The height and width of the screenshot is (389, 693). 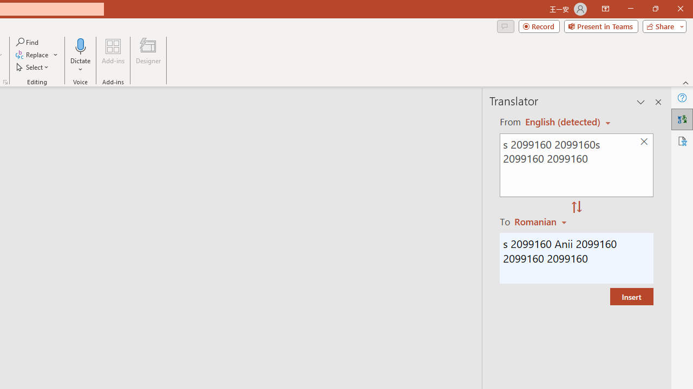 What do you see at coordinates (542, 221) in the screenshot?
I see `'Romanian'` at bounding box center [542, 221].